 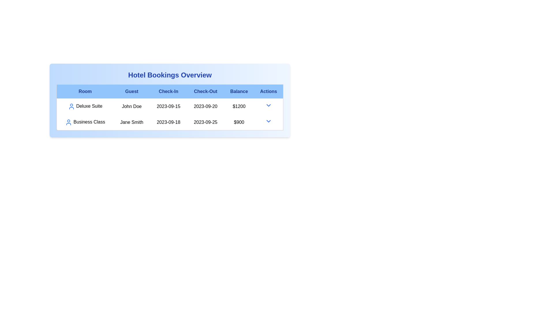 What do you see at coordinates (85, 106) in the screenshot?
I see `the text within the table cell to select it` at bounding box center [85, 106].